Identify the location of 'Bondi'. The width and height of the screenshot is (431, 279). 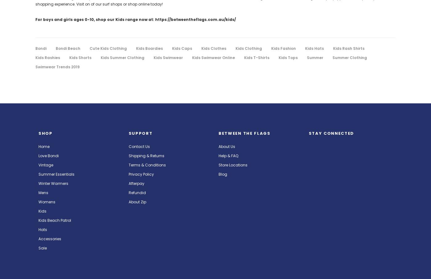
(35, 48).